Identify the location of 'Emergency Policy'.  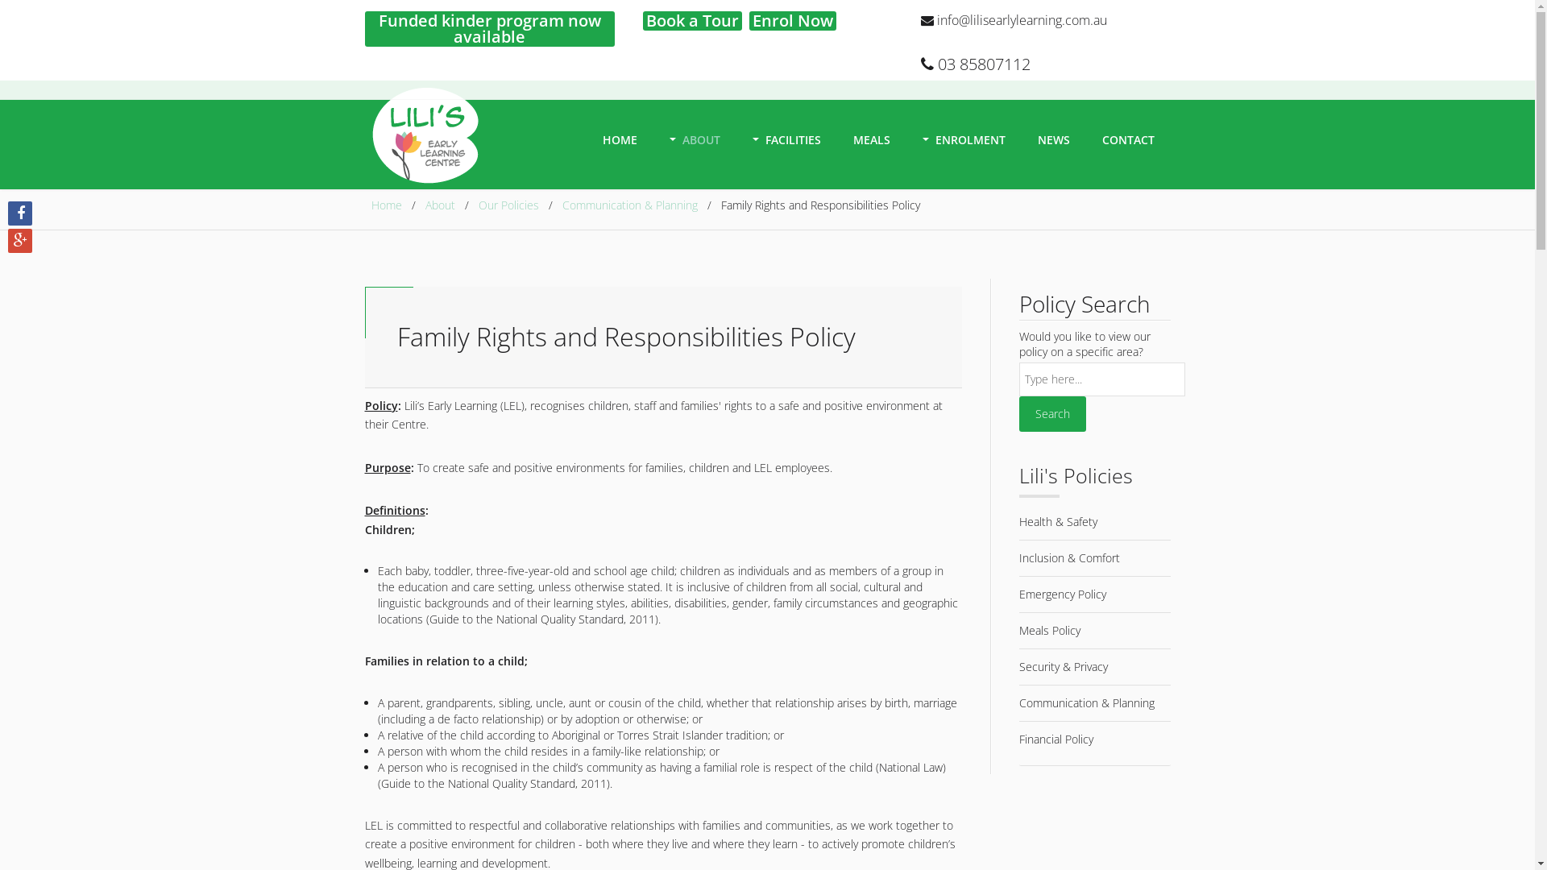
(1018, 594).